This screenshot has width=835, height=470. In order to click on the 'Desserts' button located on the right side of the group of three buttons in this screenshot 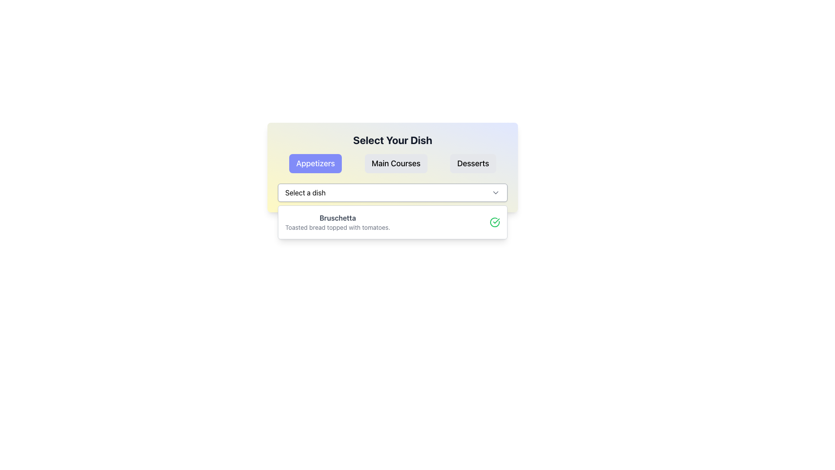, I will do `click(473, 163)`.